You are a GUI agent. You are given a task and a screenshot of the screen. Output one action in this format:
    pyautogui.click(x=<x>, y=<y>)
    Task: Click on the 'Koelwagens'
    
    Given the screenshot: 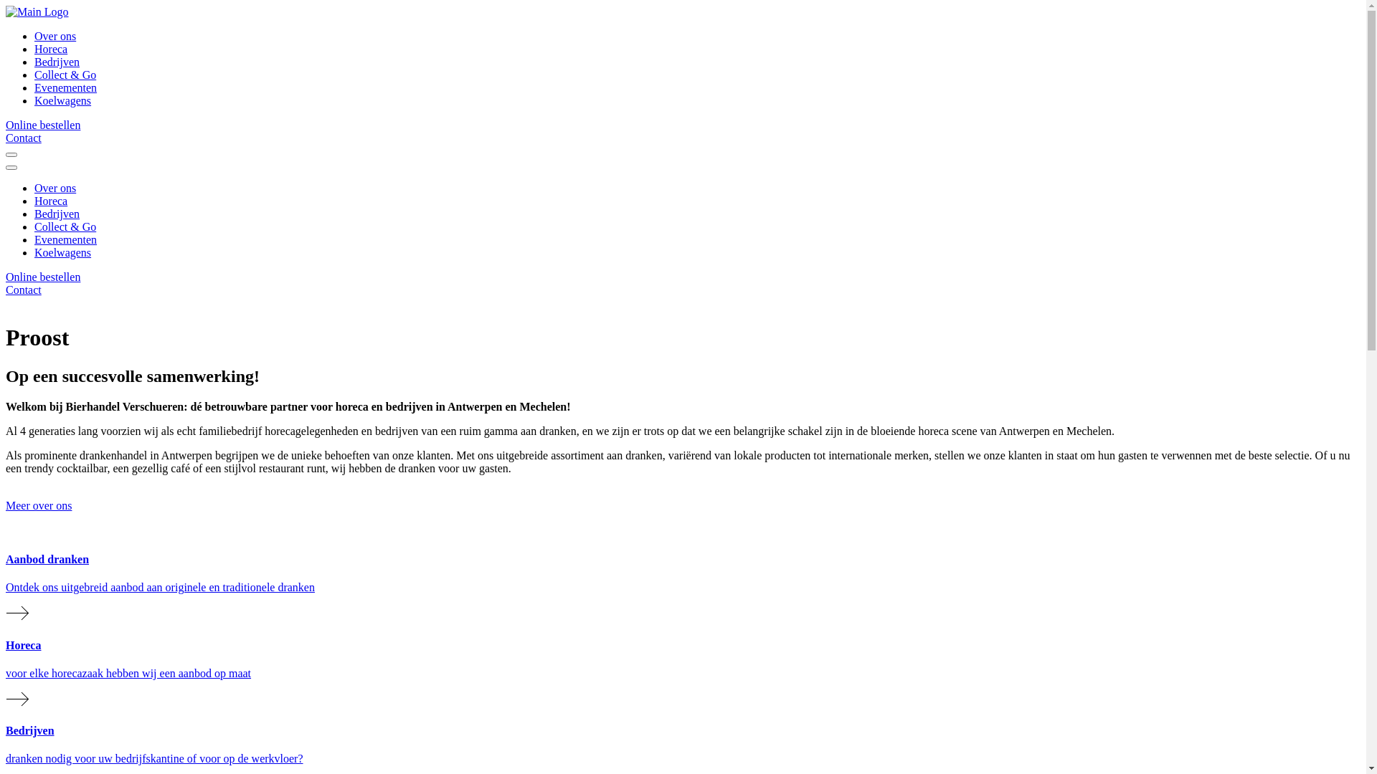 What is the action you would take?
    pyautogui.click(x=62, y=100)
    